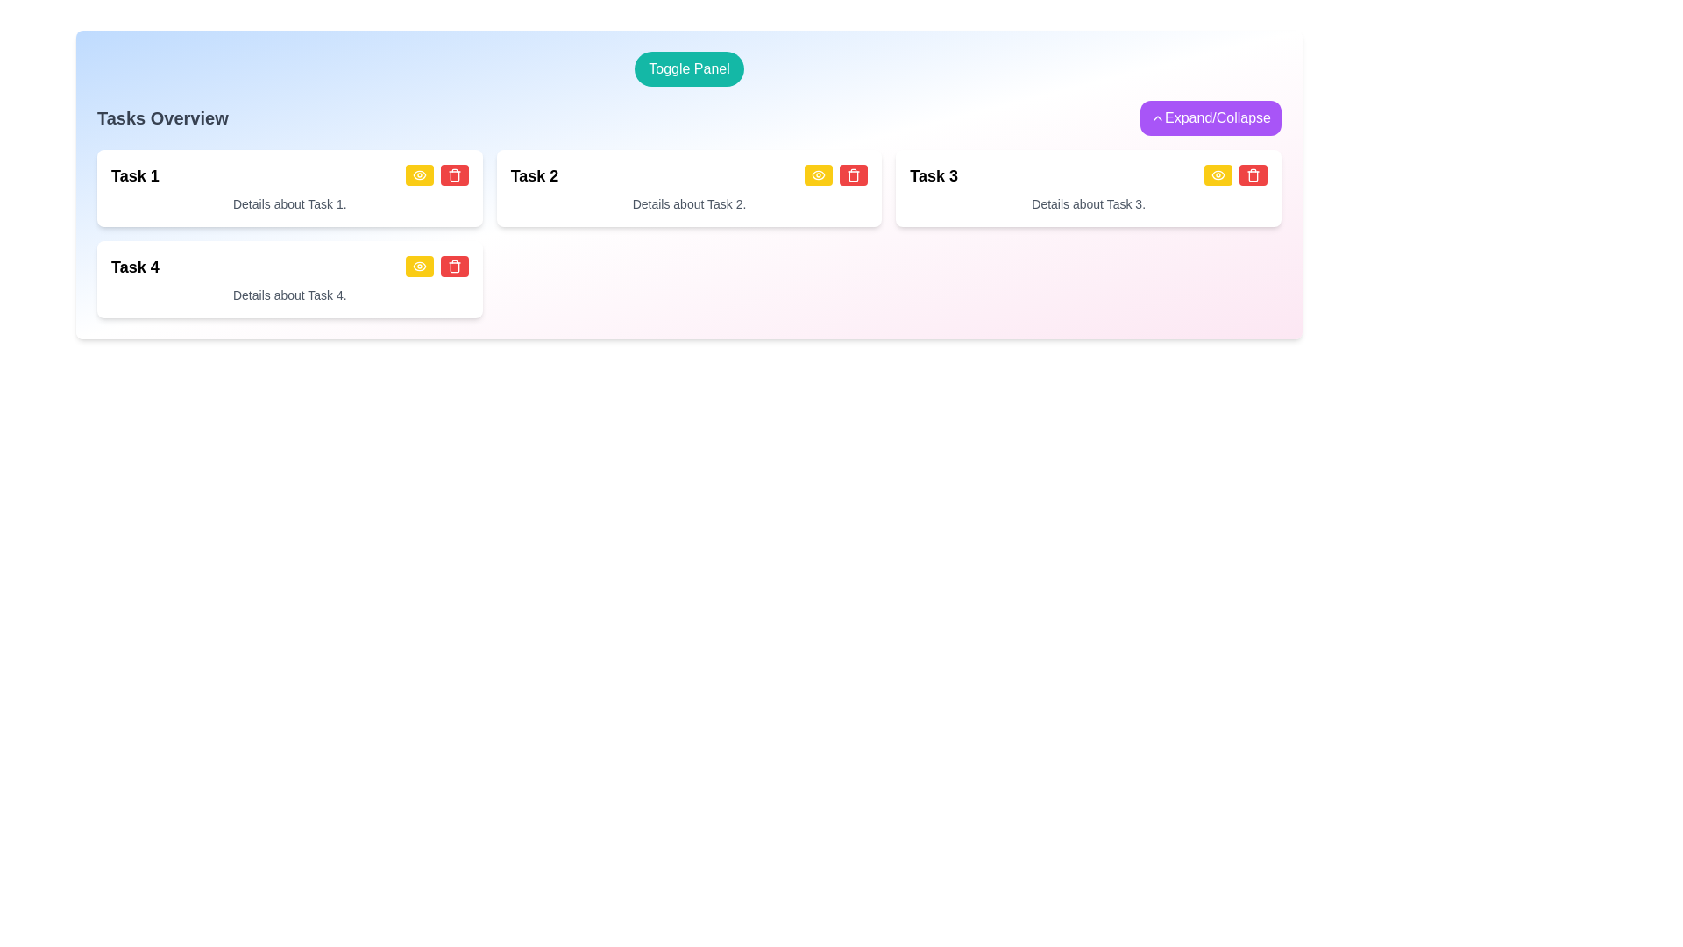 This screenshot has width=1683, height=947. I want to click on the left-most button in the control section associated with 'Task 2', so click(818, 174).